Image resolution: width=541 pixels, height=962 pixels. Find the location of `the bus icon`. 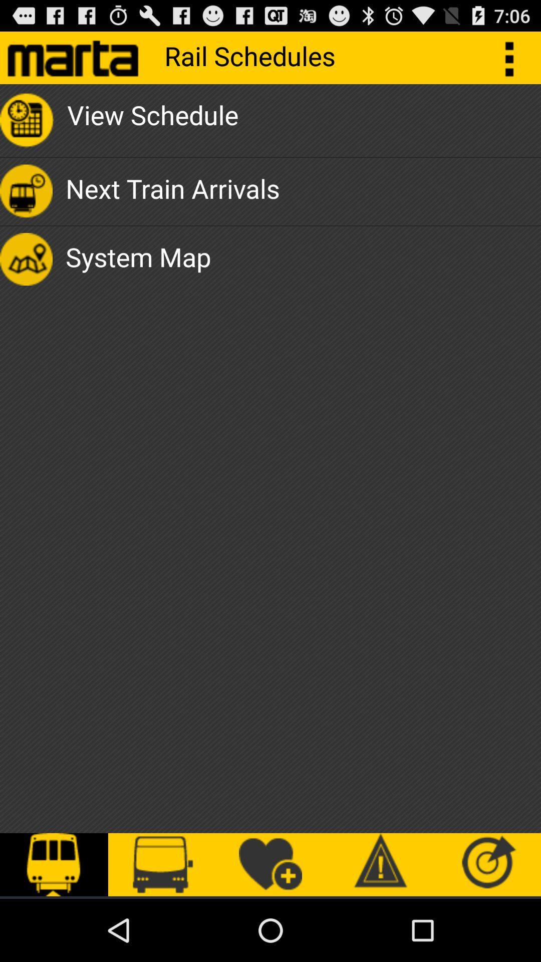

the bus icon is located at coordinates (162, 864).